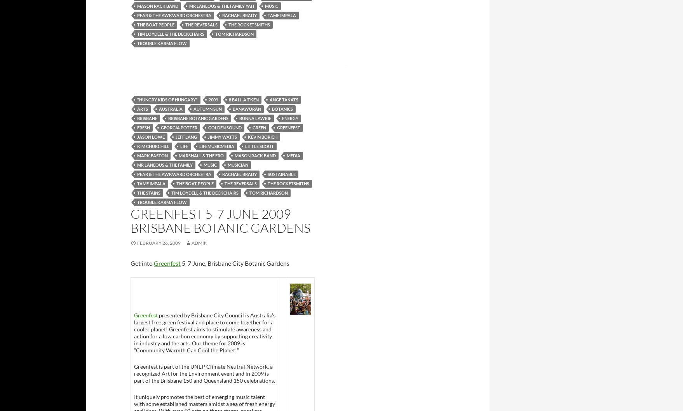  I want to click on 'lifemusicmedia', so click(199, 146).